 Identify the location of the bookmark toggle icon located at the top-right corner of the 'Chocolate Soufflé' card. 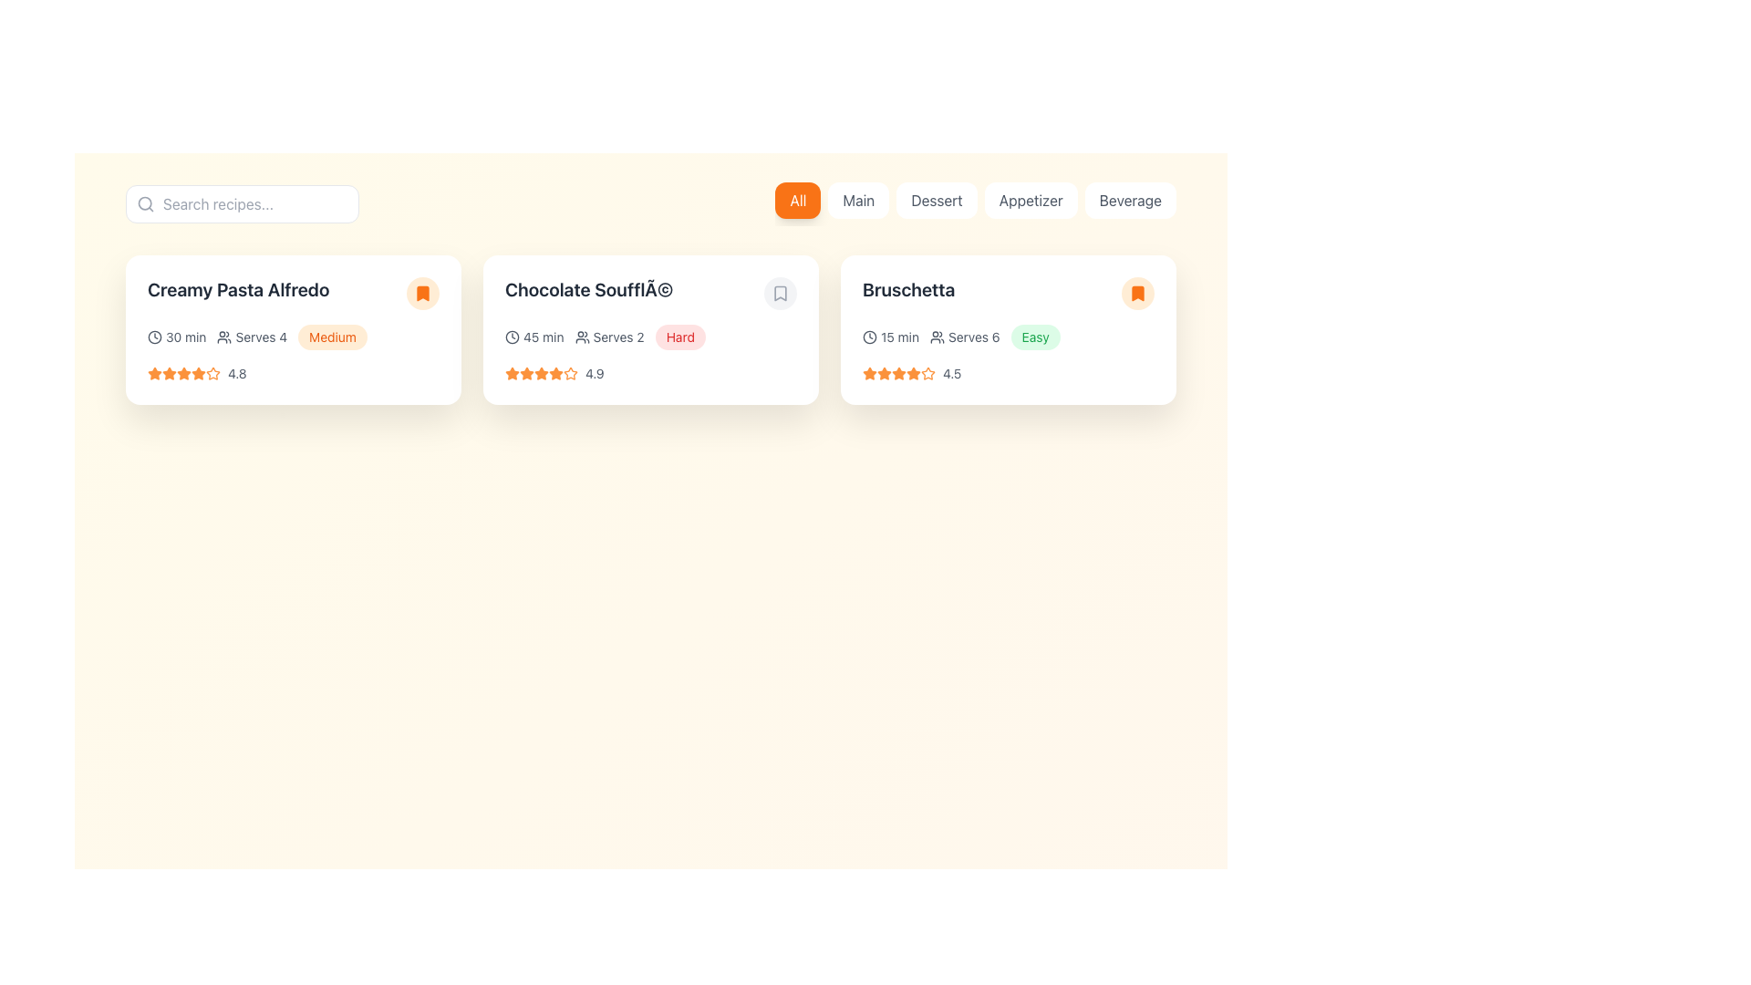
(780, 292).